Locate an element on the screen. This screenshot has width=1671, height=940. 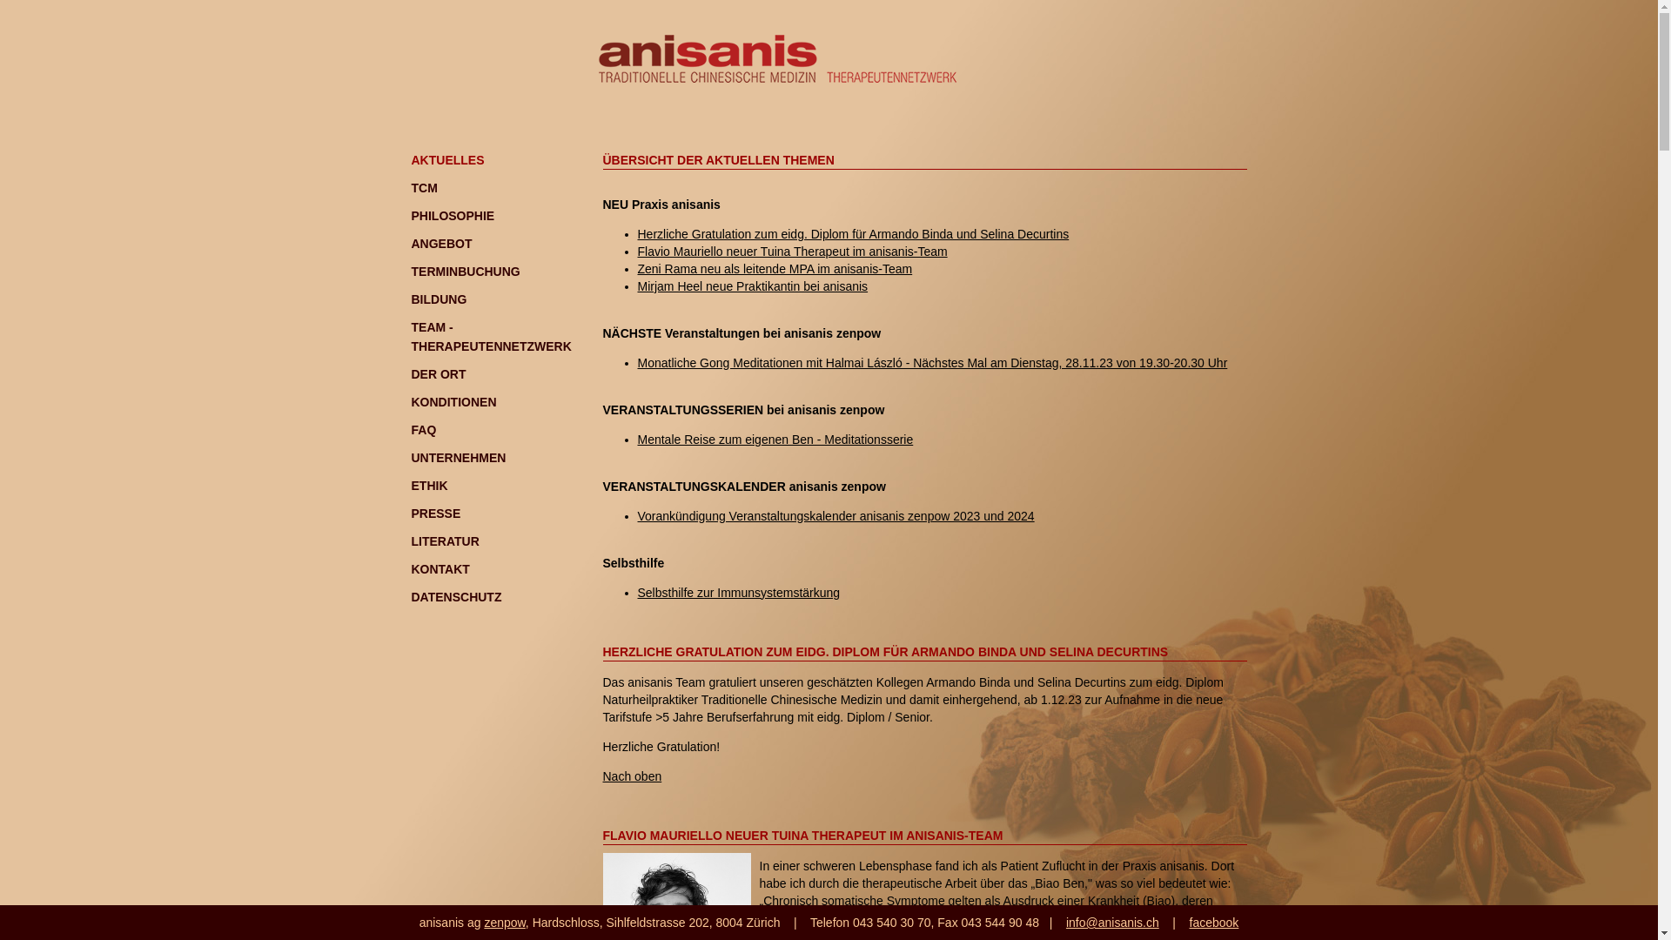
'zenpow' is located at coordinates (484, 922).